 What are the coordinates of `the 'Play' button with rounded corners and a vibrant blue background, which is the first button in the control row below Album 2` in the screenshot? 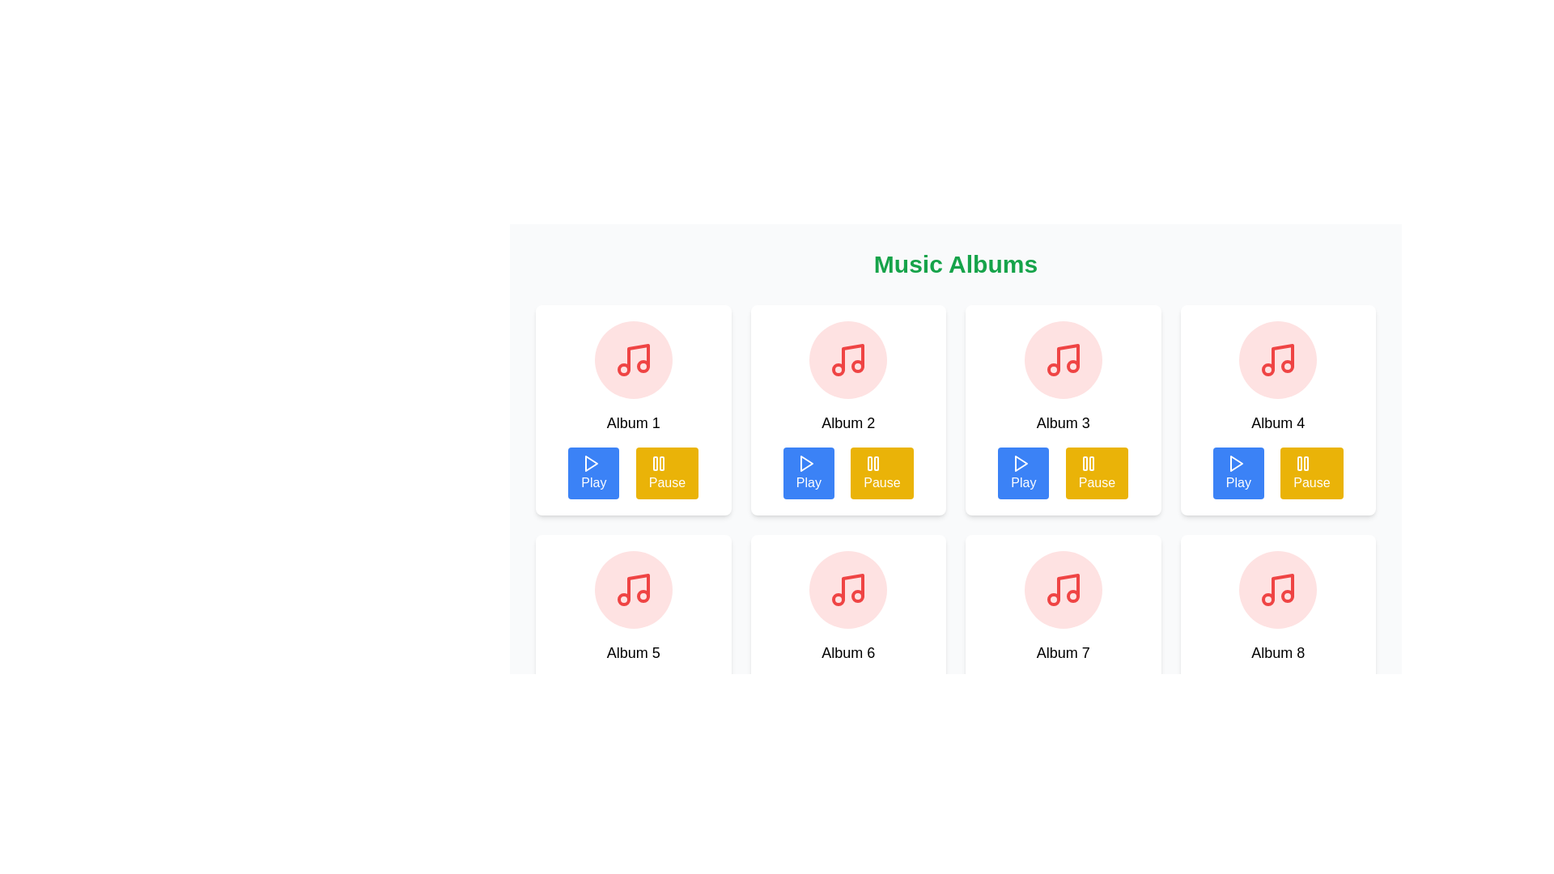 It's located at (809, 473).